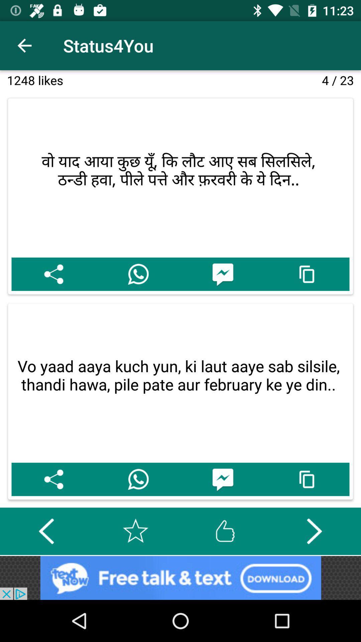 This screenshot has width=361, height=642. Describe the element at coordinates (138, 479) in the screenshot. I see `contacts` at that location.